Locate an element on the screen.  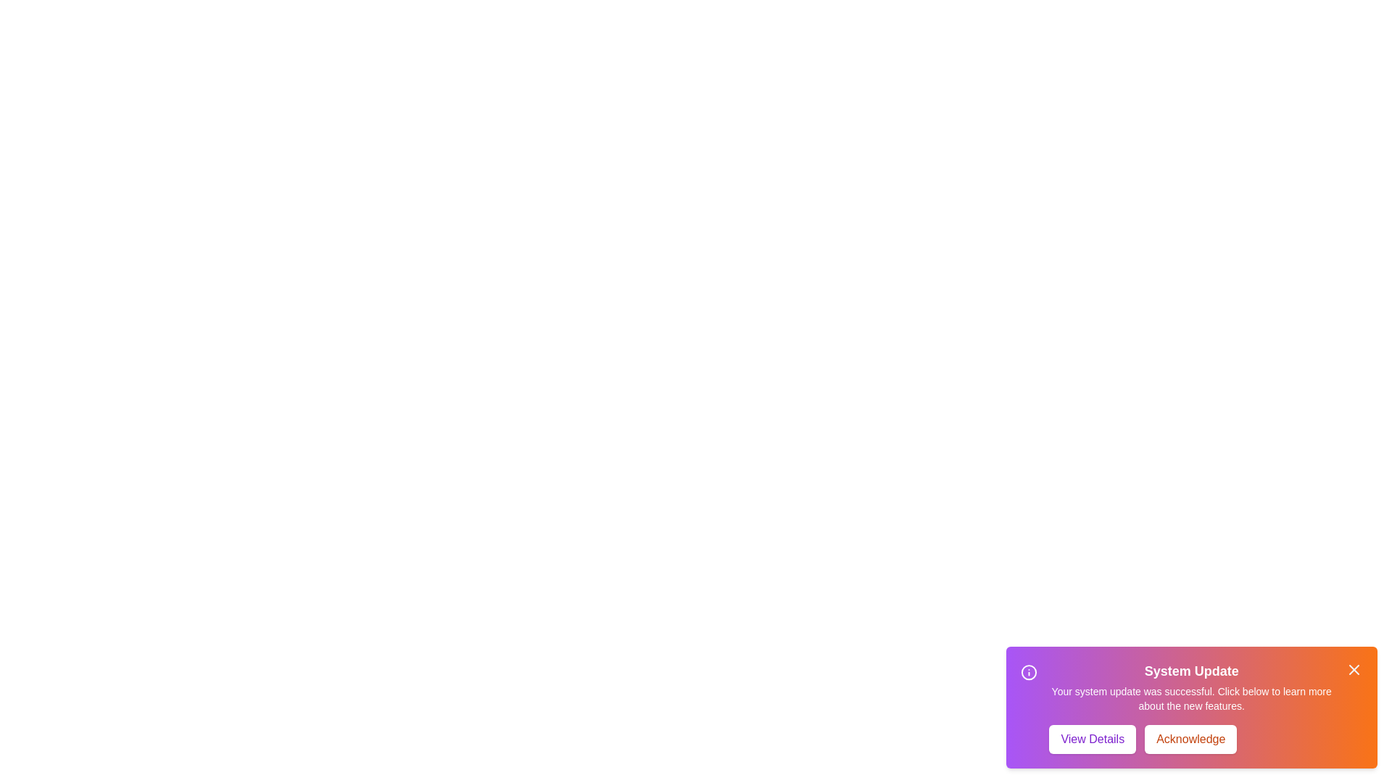
the Acknowledge button to perform the associated action is located at coordinates (1190, 739).